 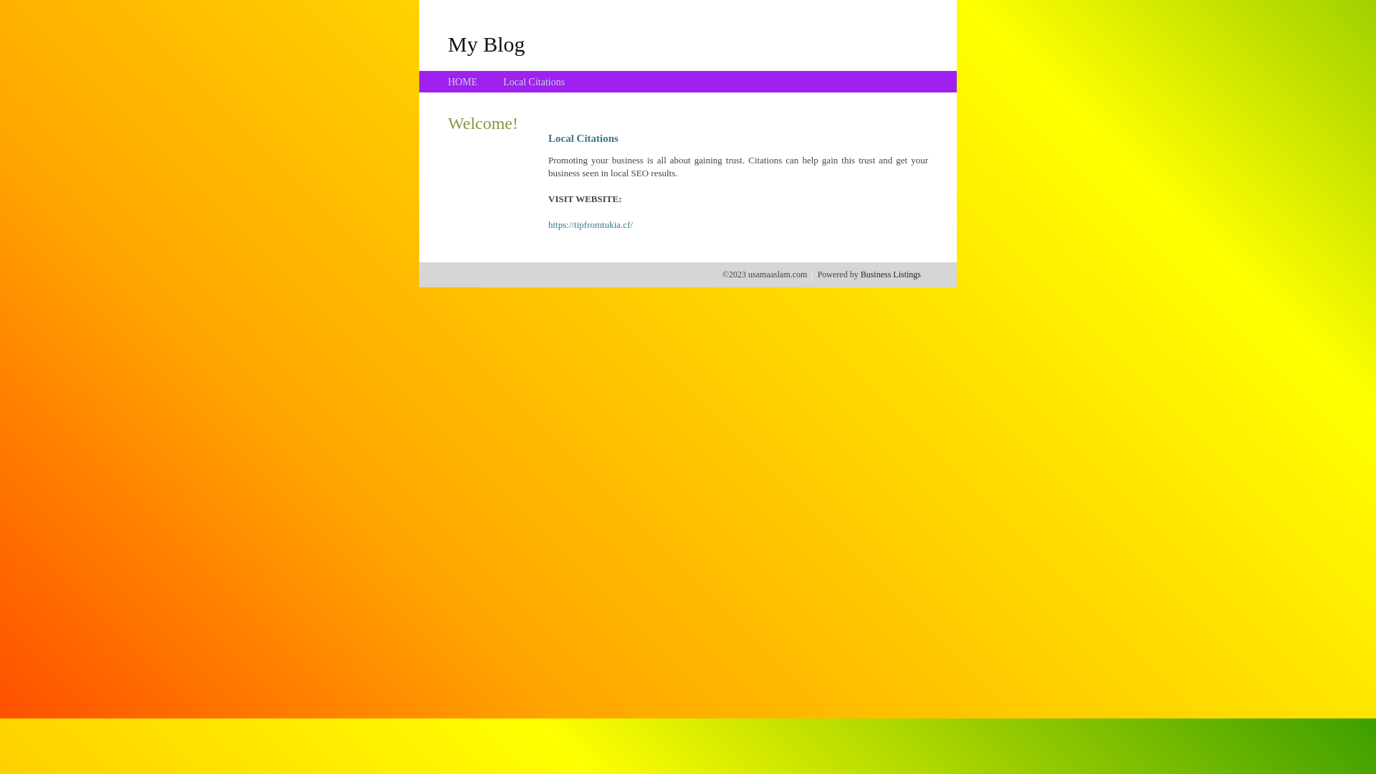 I want to click on 'https://tipfromtukia.cf/', so click(x=547, y=224).